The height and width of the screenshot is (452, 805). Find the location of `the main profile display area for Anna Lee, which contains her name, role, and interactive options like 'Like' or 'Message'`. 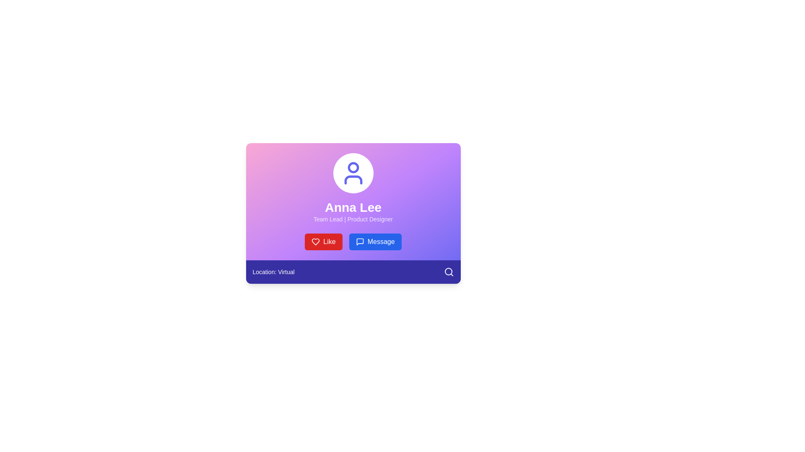

the main profile display area for Anna Lee, which contains her name, role, and interactive options like 'Like' or 'Message' is located at coordinates (353, 202).